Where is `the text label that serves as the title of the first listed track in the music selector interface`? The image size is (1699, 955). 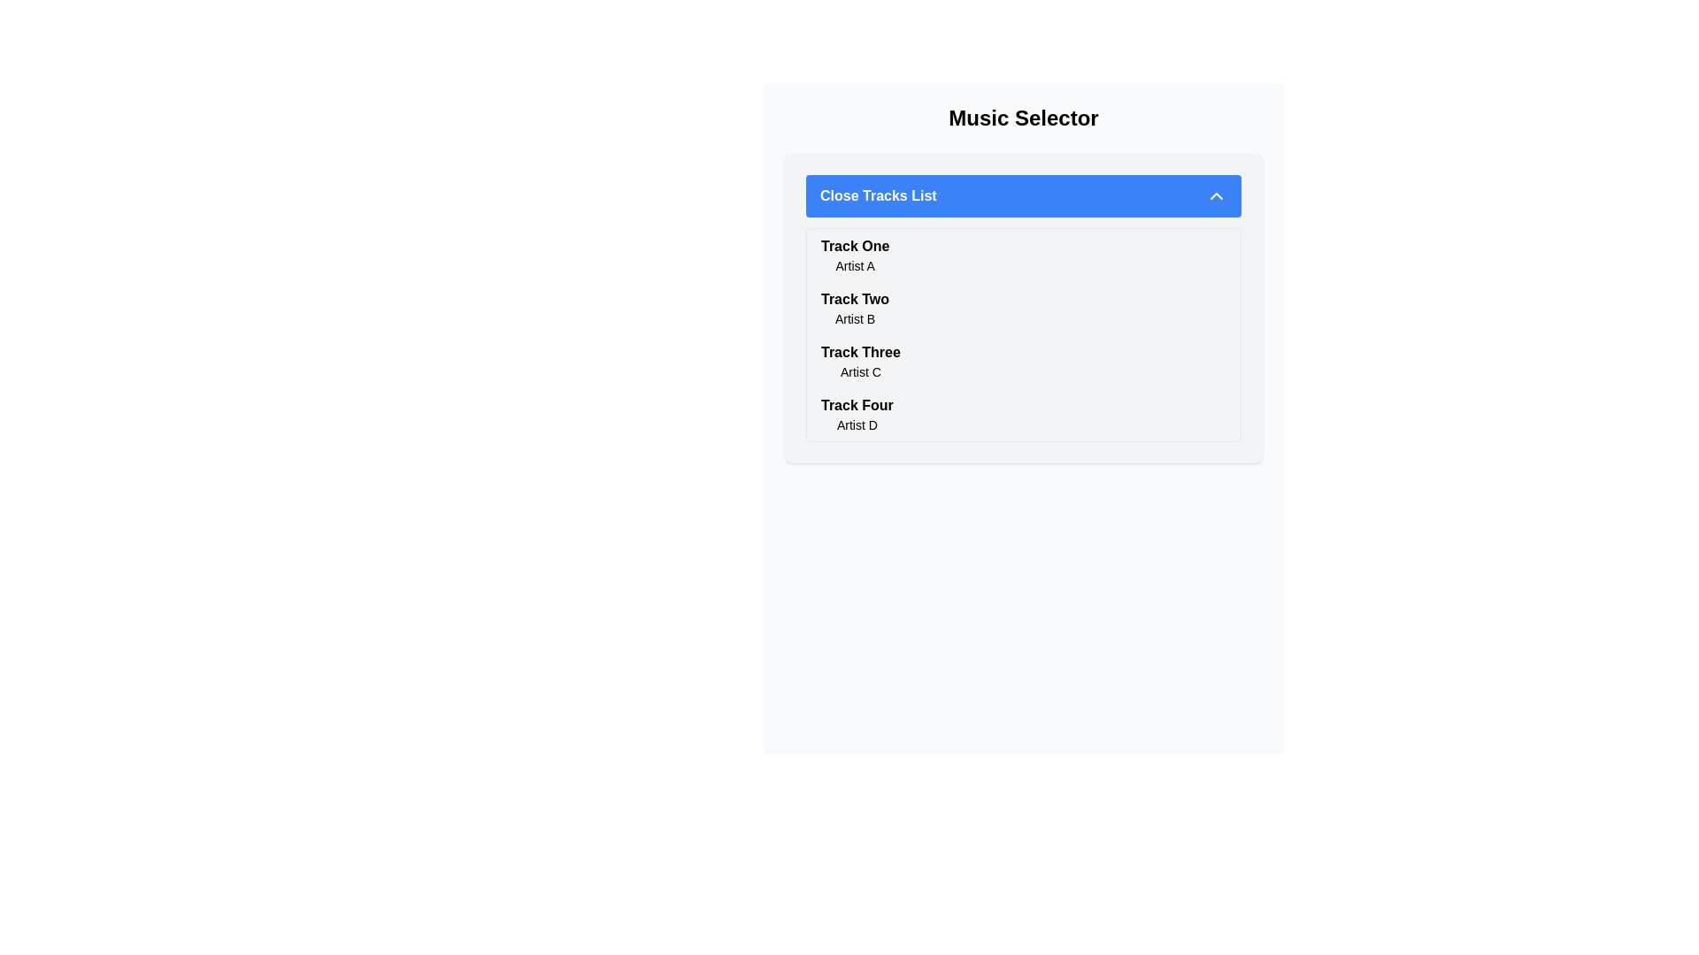
the text label that serves as the title of the first listed track in the music selector interface is located at coordinates (855, 246).